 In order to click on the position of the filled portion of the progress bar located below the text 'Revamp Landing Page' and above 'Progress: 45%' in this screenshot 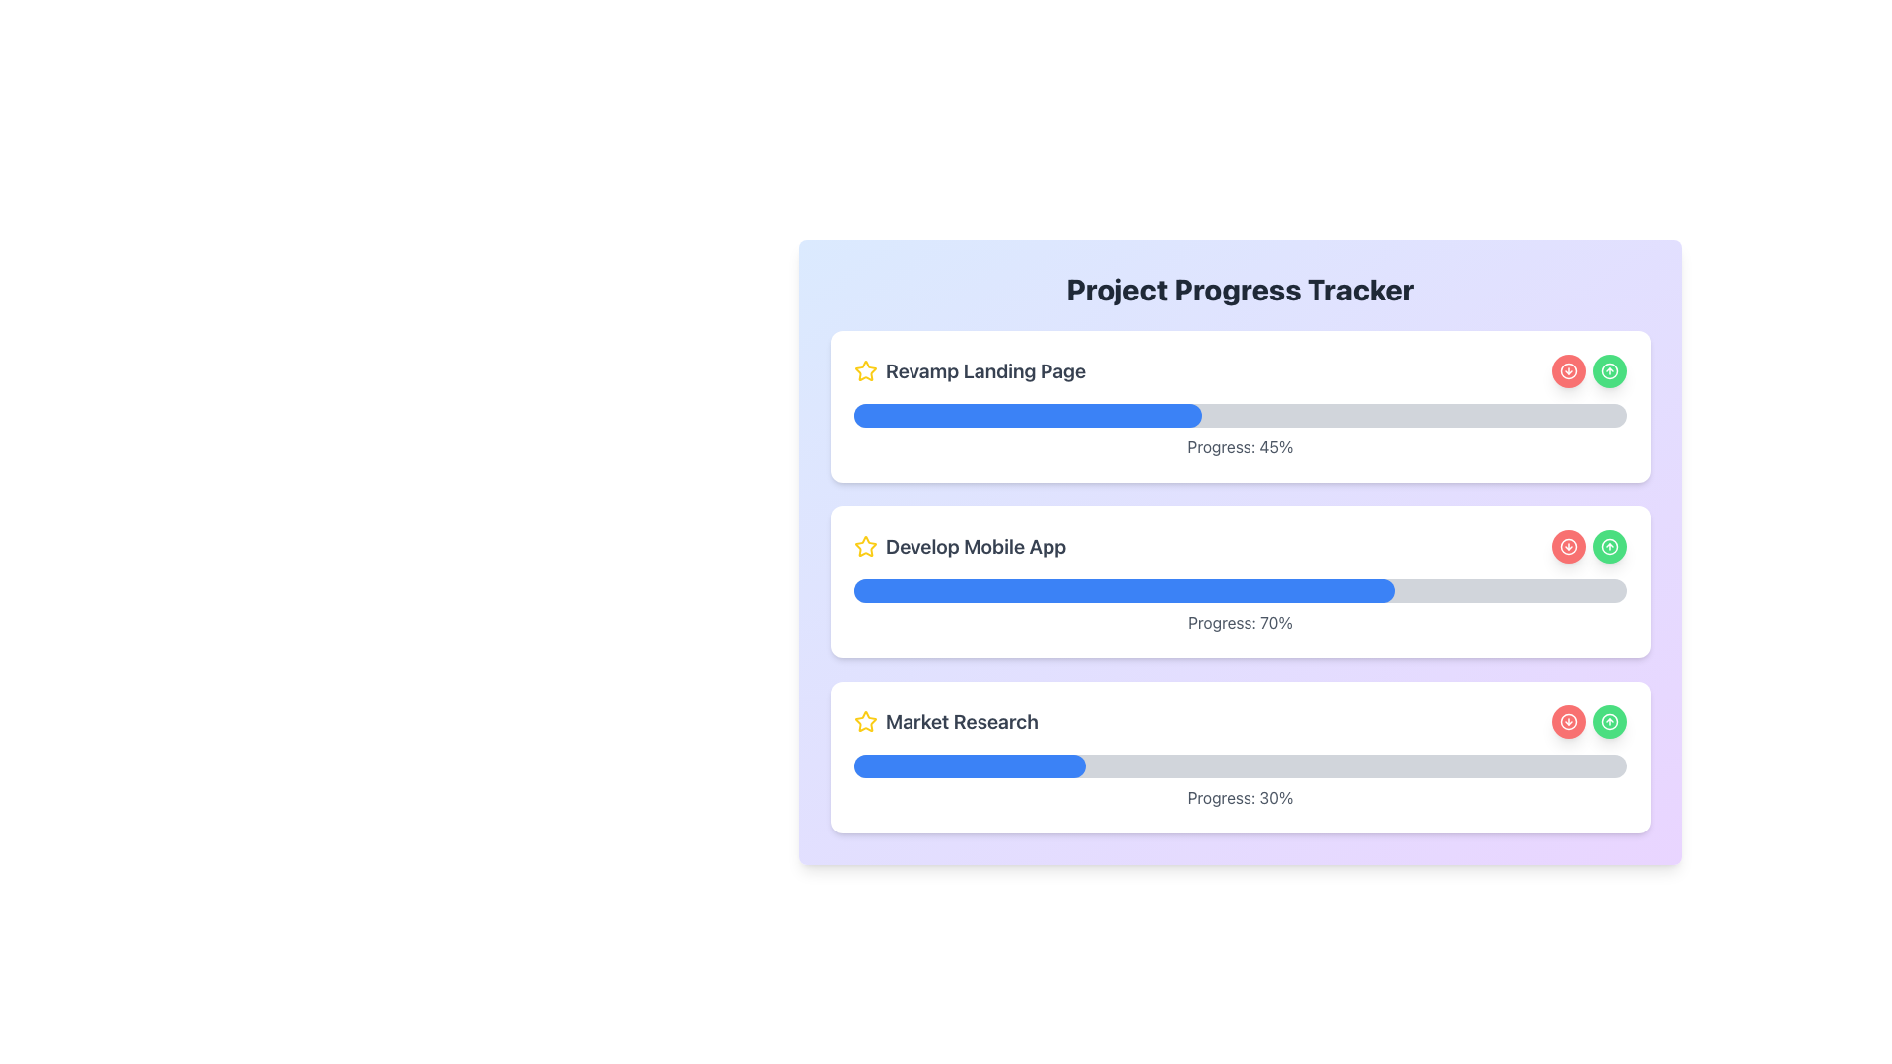, I will do `click(1239, 414)`.